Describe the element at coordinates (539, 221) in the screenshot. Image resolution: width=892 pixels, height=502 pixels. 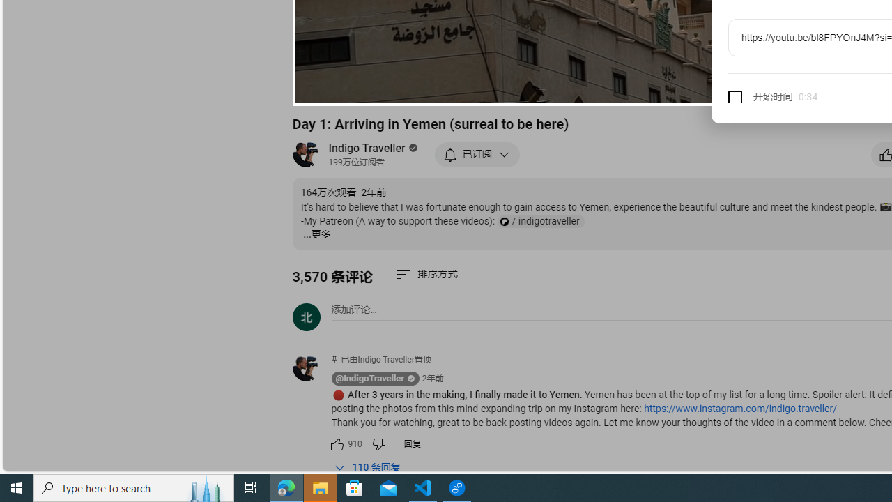
I see `'Patreon Channel Link: indigotraveller'` at that location.